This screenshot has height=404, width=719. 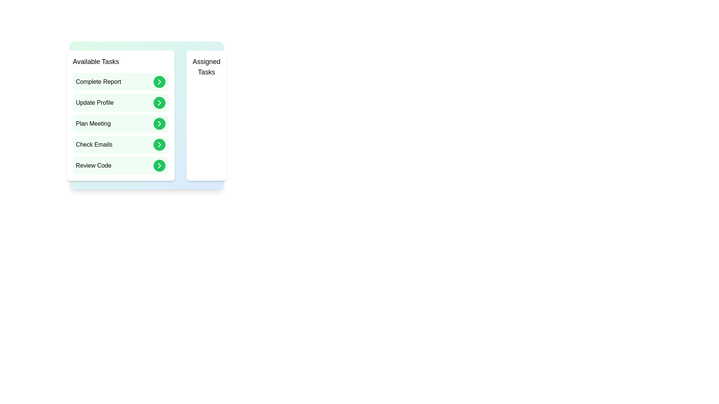 I want to click on the button corresponding to Update Profile, so click(x=159, y=102).